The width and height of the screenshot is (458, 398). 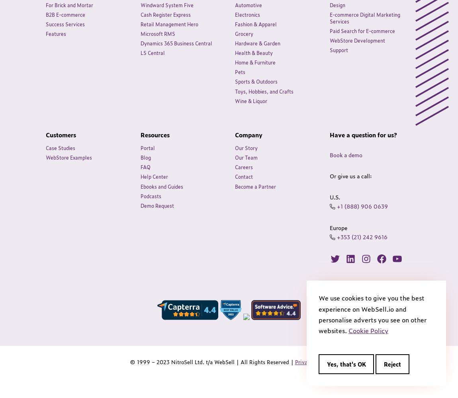 I want to click on 'Portal', so click(x=147, y=147).